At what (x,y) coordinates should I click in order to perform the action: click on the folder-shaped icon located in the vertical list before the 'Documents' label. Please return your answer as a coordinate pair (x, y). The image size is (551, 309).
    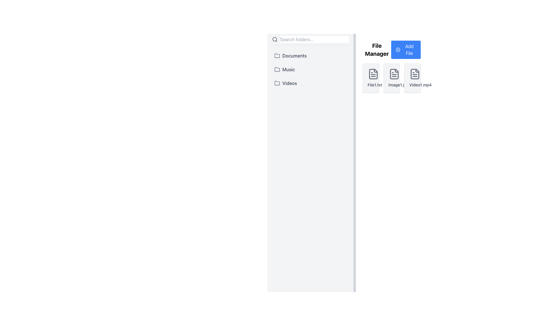
    Looking at the image, I should click on (277, 55).